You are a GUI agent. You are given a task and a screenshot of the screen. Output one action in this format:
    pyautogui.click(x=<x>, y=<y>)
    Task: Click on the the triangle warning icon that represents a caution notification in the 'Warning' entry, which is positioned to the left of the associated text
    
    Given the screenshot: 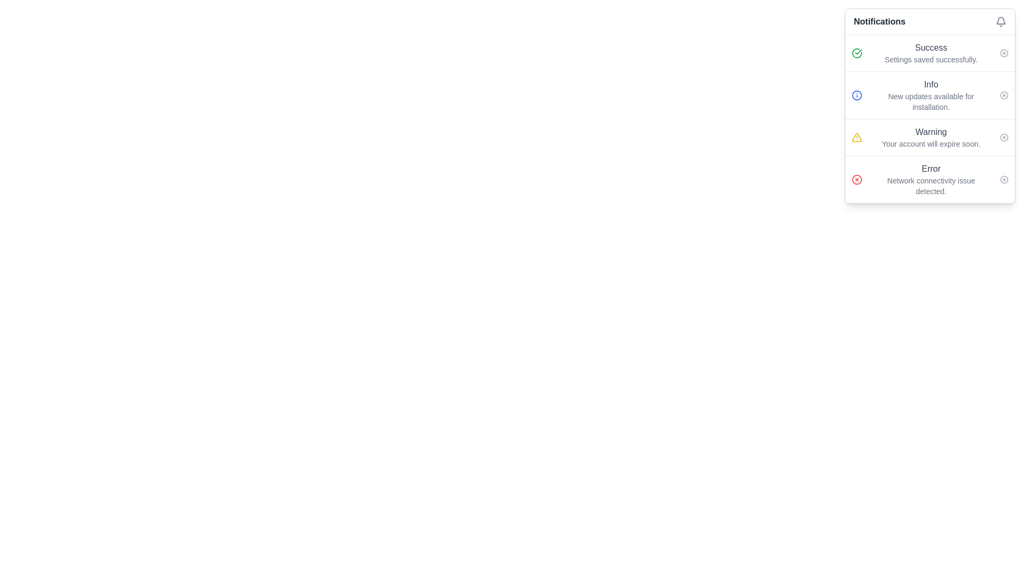 What is the action you would take?
    pyautogui.click(x=857, y=137)
    